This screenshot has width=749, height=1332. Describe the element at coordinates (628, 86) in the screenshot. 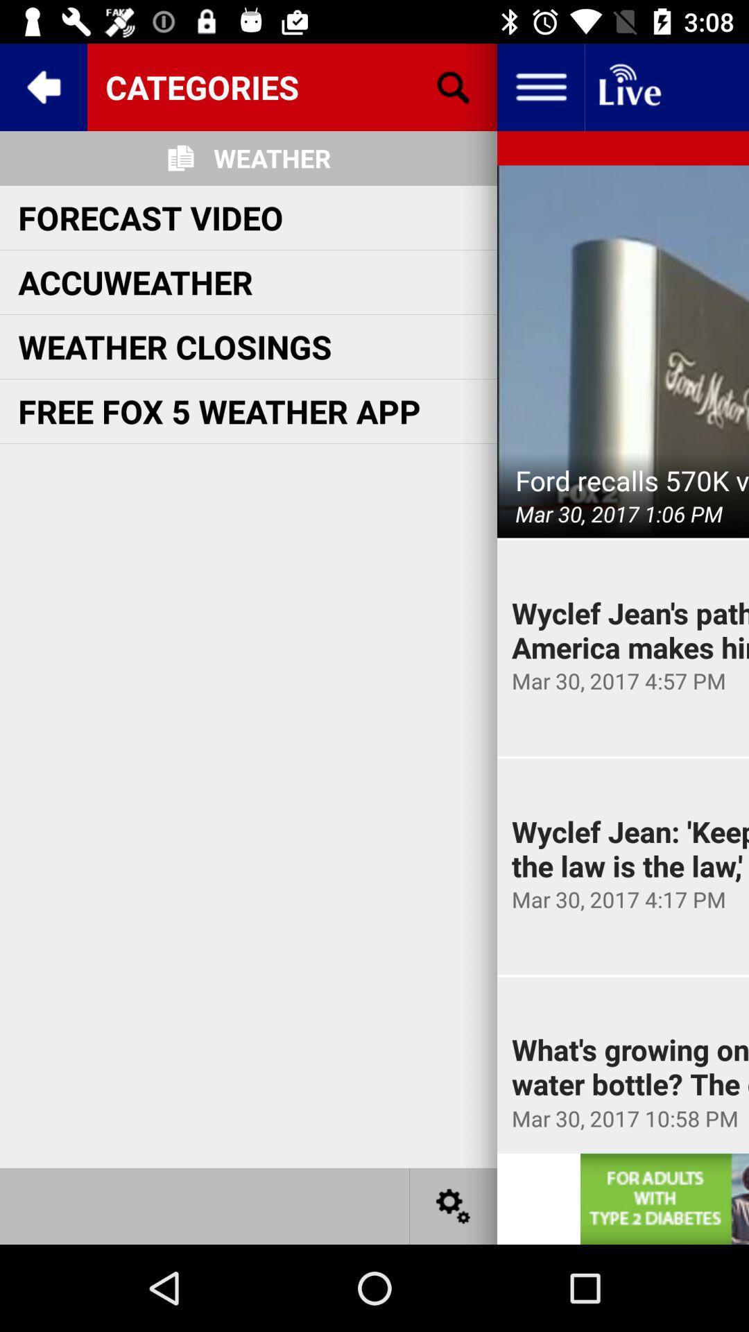

I see `go live` at that location.